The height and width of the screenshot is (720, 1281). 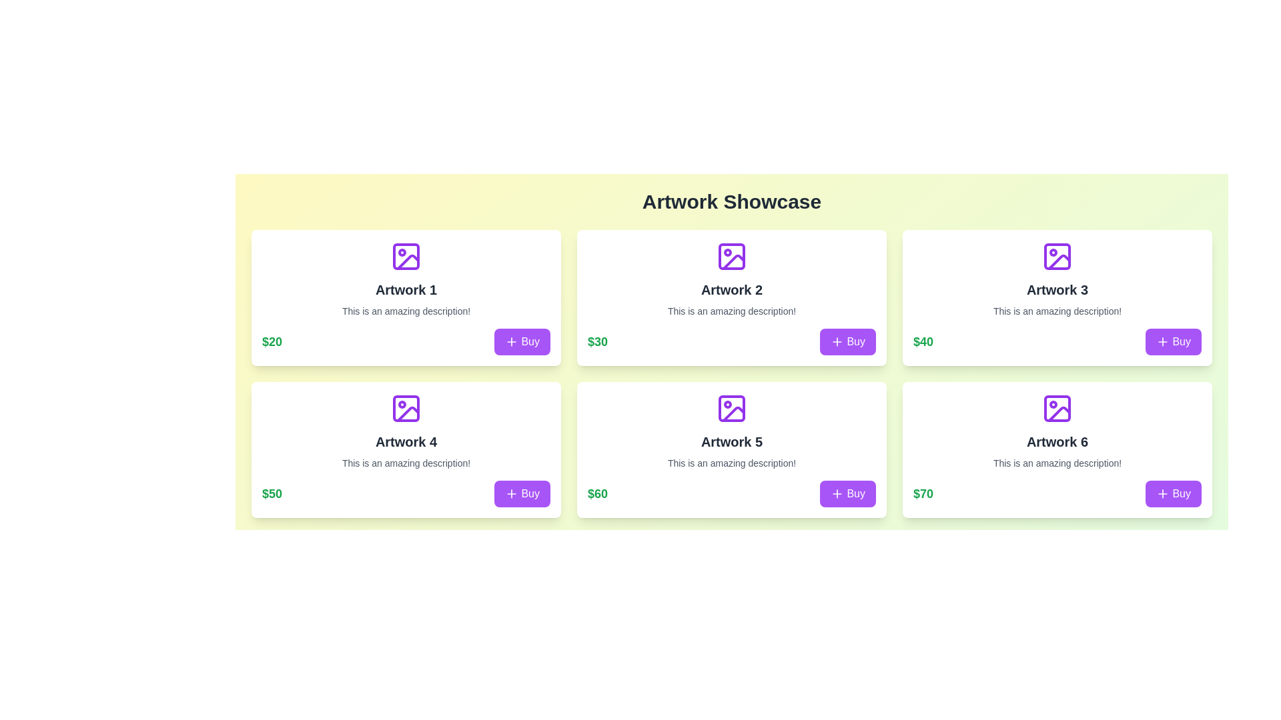 What do you see at coordinates (731, 462) in the screenshot?
I see `the Text Label providing additional information about 'Artwork 5', located below its title and above the price and purchase button` at bounding box center [731, 462].